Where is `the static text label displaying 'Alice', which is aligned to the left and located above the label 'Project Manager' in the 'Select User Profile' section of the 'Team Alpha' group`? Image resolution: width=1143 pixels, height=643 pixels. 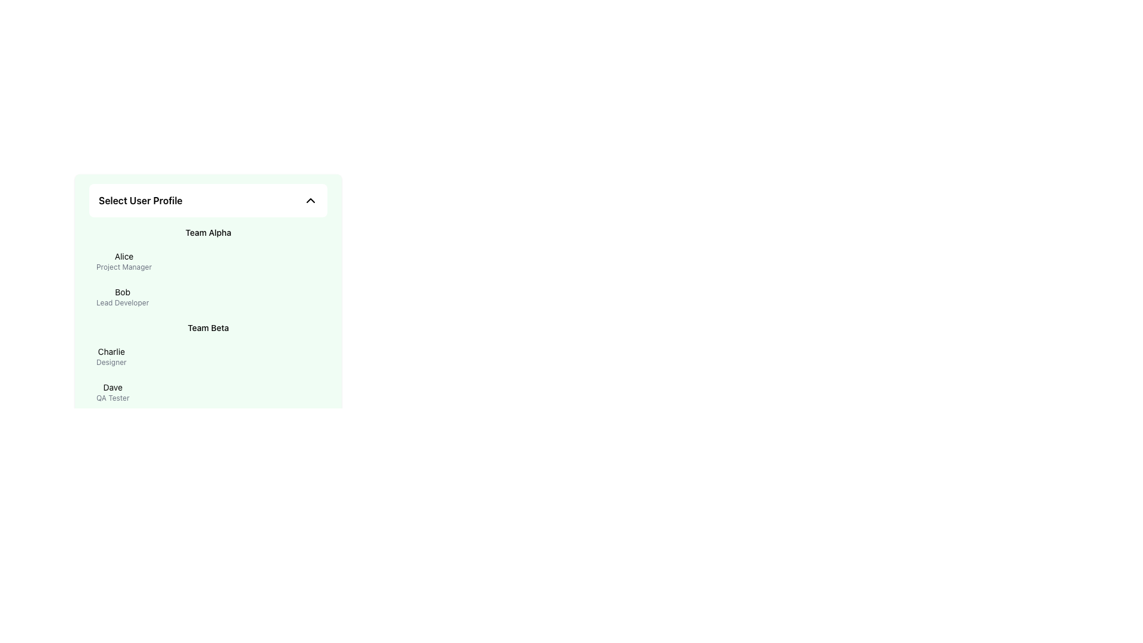 the static text label displaying 'Alice', which is aligned to the left and located above the label 'Project Manager' in the 'Select User Profile' section of the 'Team Alpha' group is located at coordinates (124, 256).